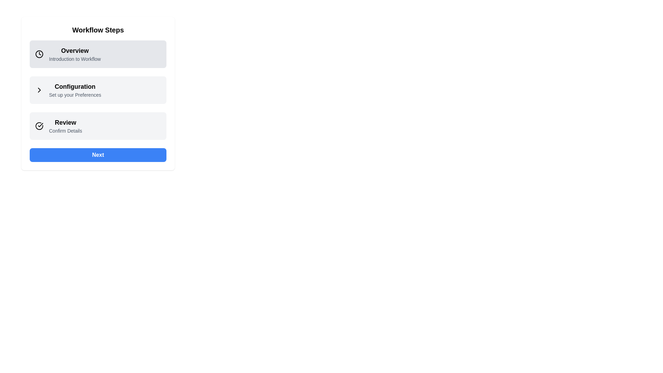  I want to click on the rightward-facing chevron icon located in the 'Configuration' box of the 'Workflow Steps' section, positioned to the right of the text label 'Configuration', so click(39, 90).